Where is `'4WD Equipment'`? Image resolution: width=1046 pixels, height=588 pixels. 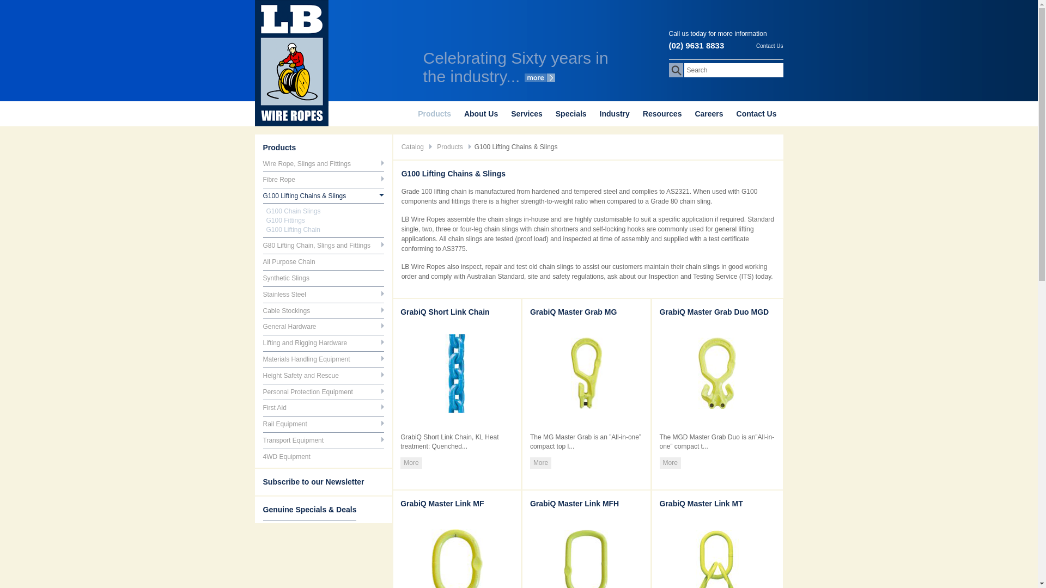 '4WD Equipment' is located at coordinates (286, 457).